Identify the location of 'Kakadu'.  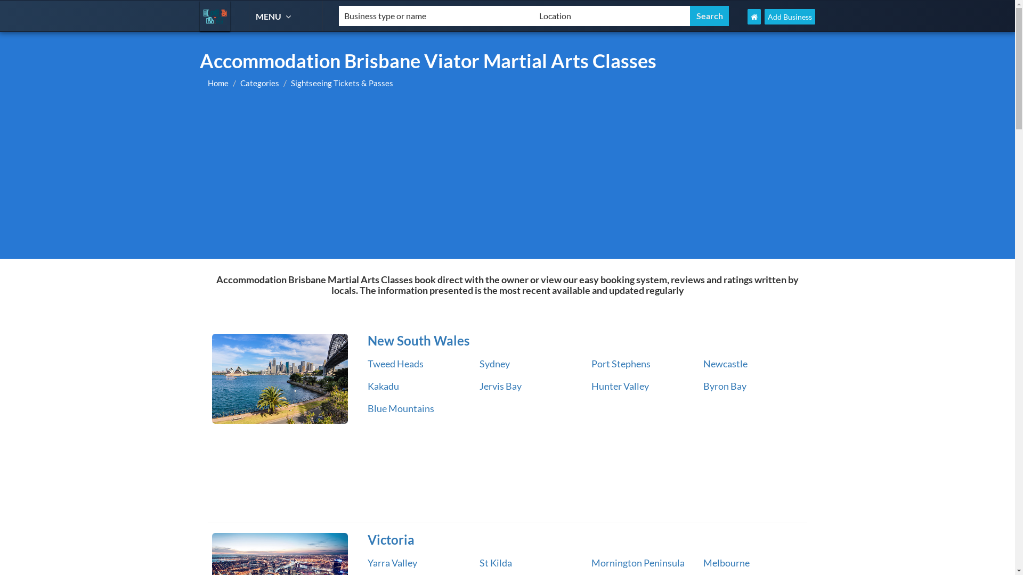
(383, 386).